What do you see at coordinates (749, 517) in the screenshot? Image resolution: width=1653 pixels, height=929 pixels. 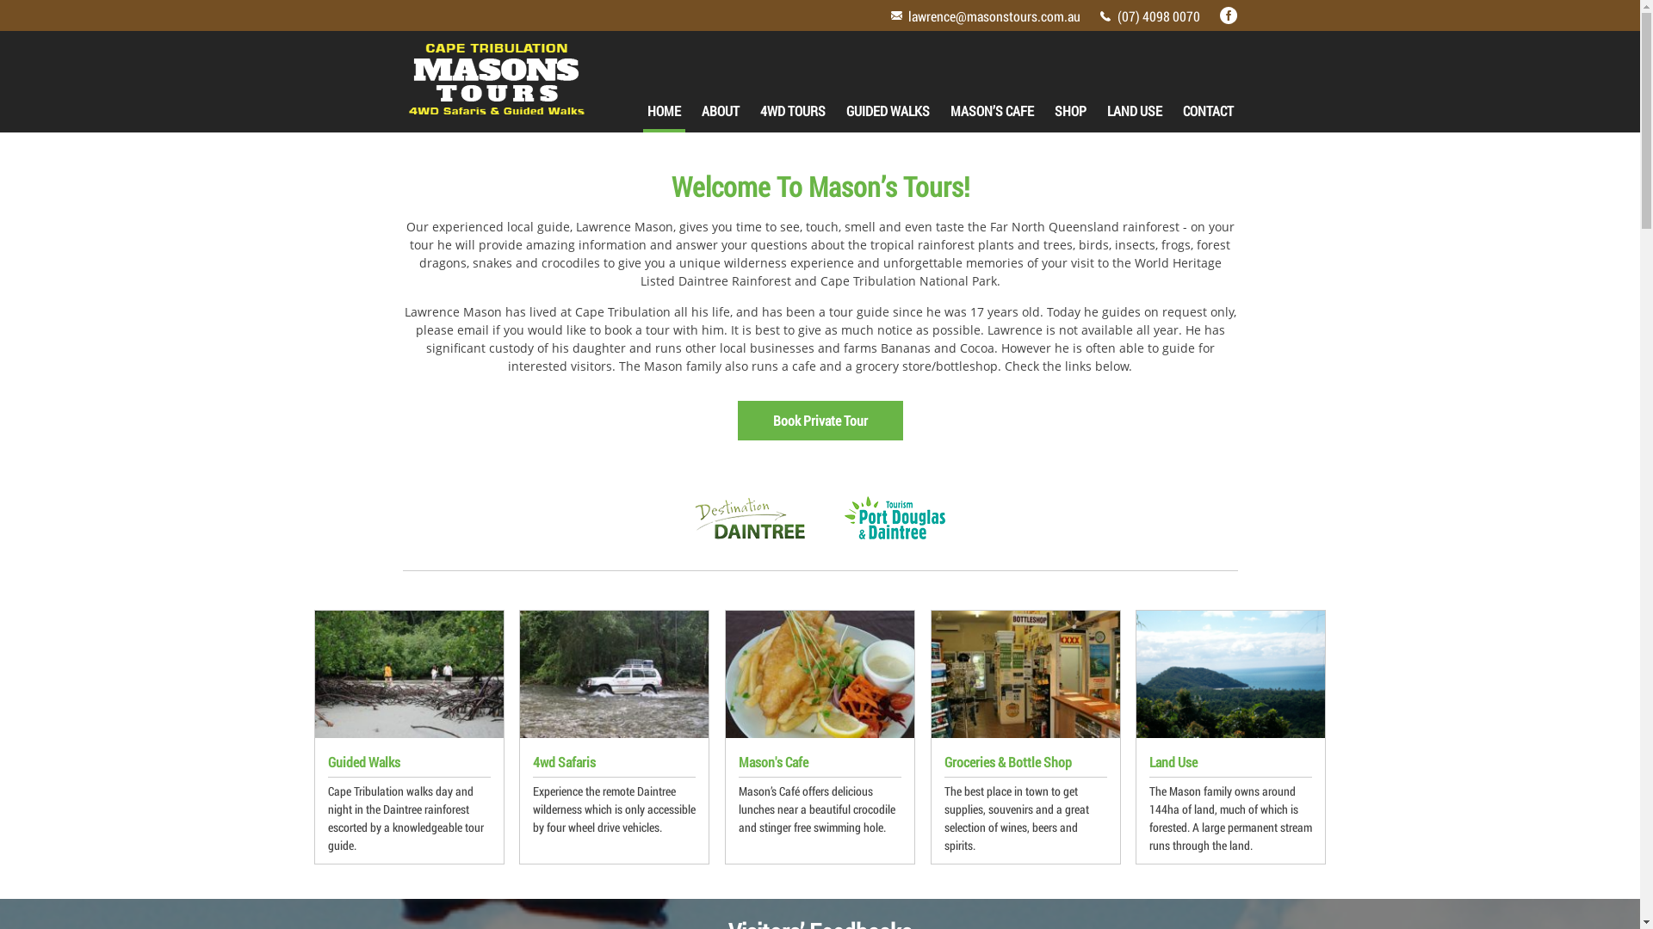 I see `'Destination Daintree'` at bounding box center [749, 517].